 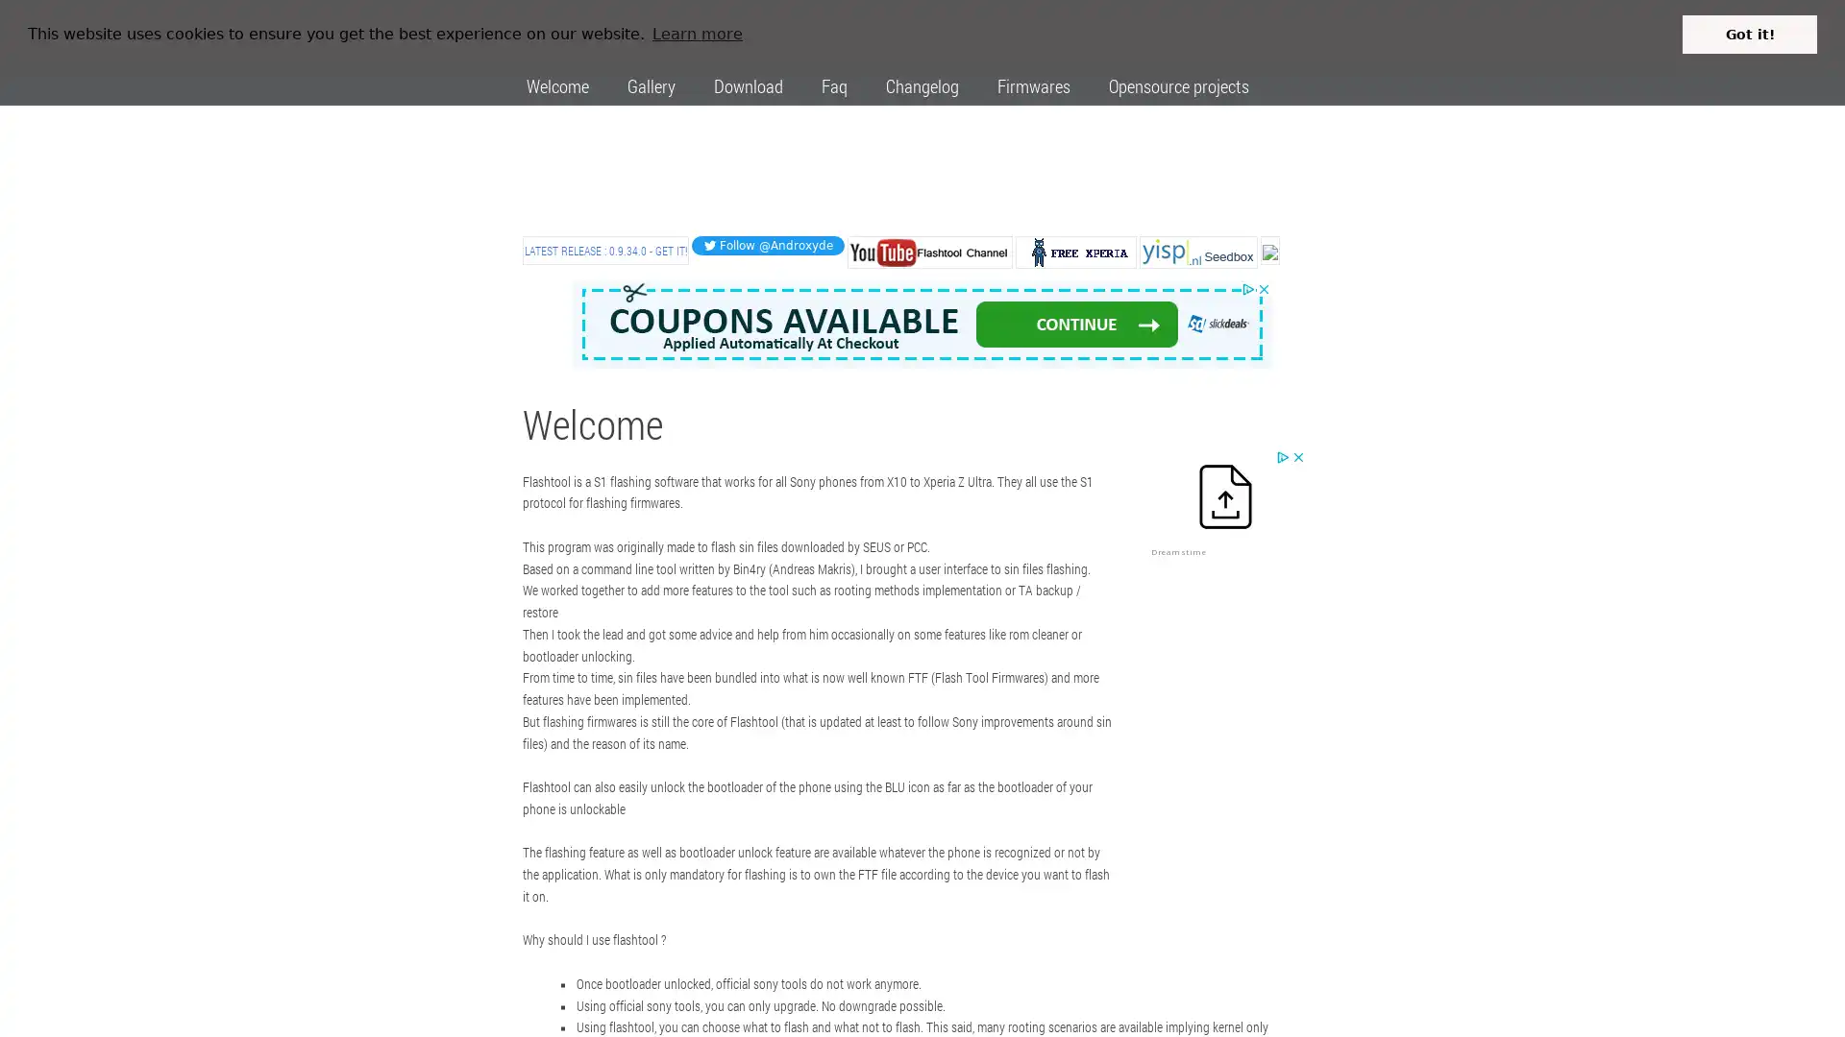 What do you see at coordinates (1749, 34) in the screenshot?
I see `dismiss cookie message` at bounding box center [1749, 34].